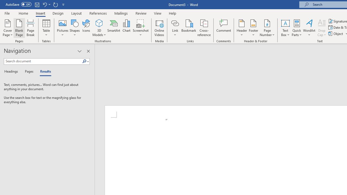  I want to click on 'Comment', so click(224, 28).